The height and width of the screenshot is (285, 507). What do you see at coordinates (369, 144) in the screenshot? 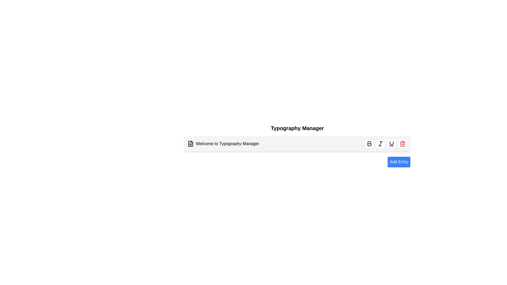
I see `the bold formatting toggle button located in the toolbar below the 'Welcome to Typography Manager' section` at bounding box center [369, 144].